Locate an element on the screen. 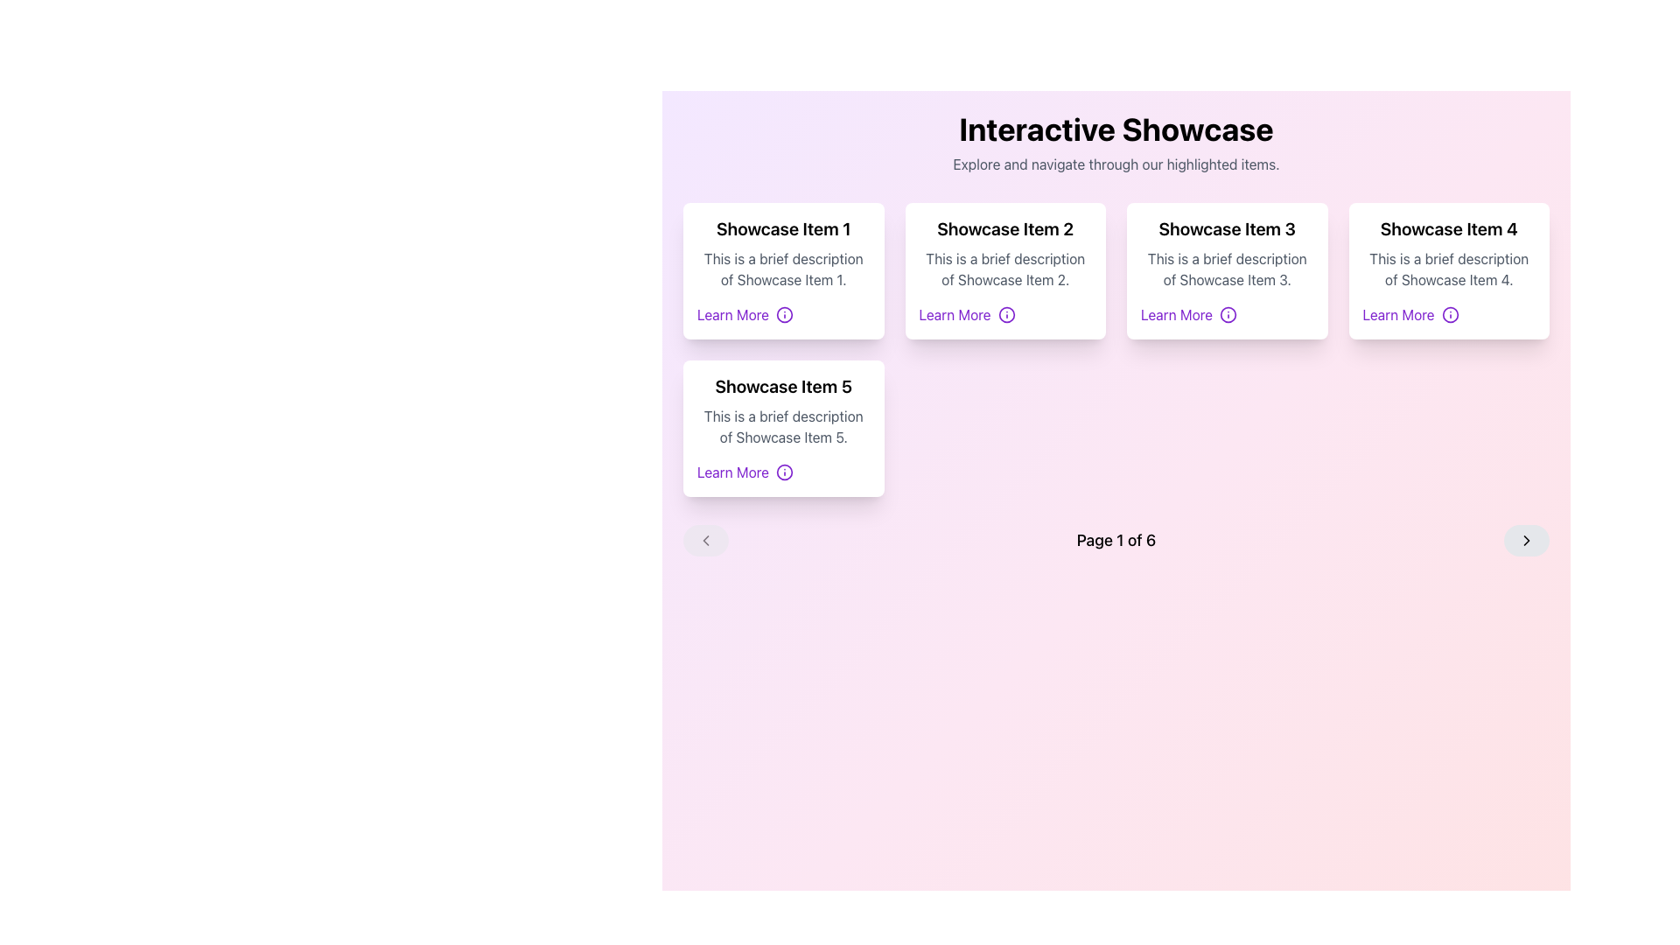 Image resolution: width=1680 pixels, height=945 pixels. the Text Label providing supplementary information for Showcase Item 5, located in the second row, first column of the grid layout is located at coordinates (782, 427).